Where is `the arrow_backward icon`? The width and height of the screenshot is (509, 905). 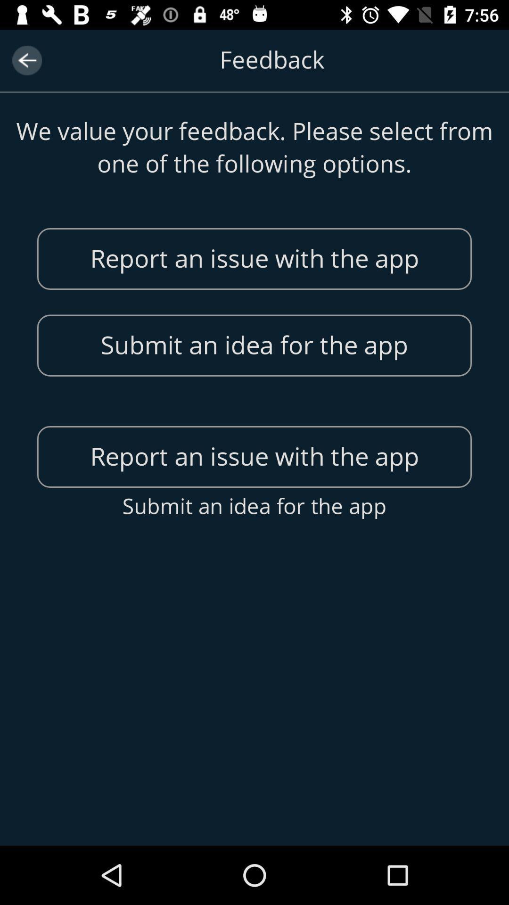
the arrow_backward icon is located at coordinates (26, 60).